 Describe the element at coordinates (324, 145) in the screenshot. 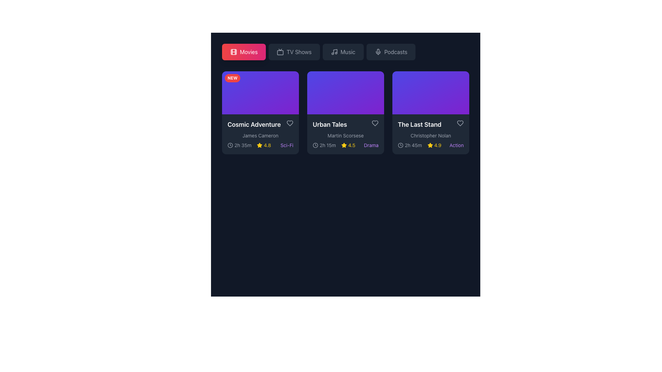

I see `the static text label displaying the movie duration '2h 15m' with an adjacent clock icon, located in the middle card under the 'Movies' tab, below the title 'Urban Tales' and above the rating '4.5'` at that location.